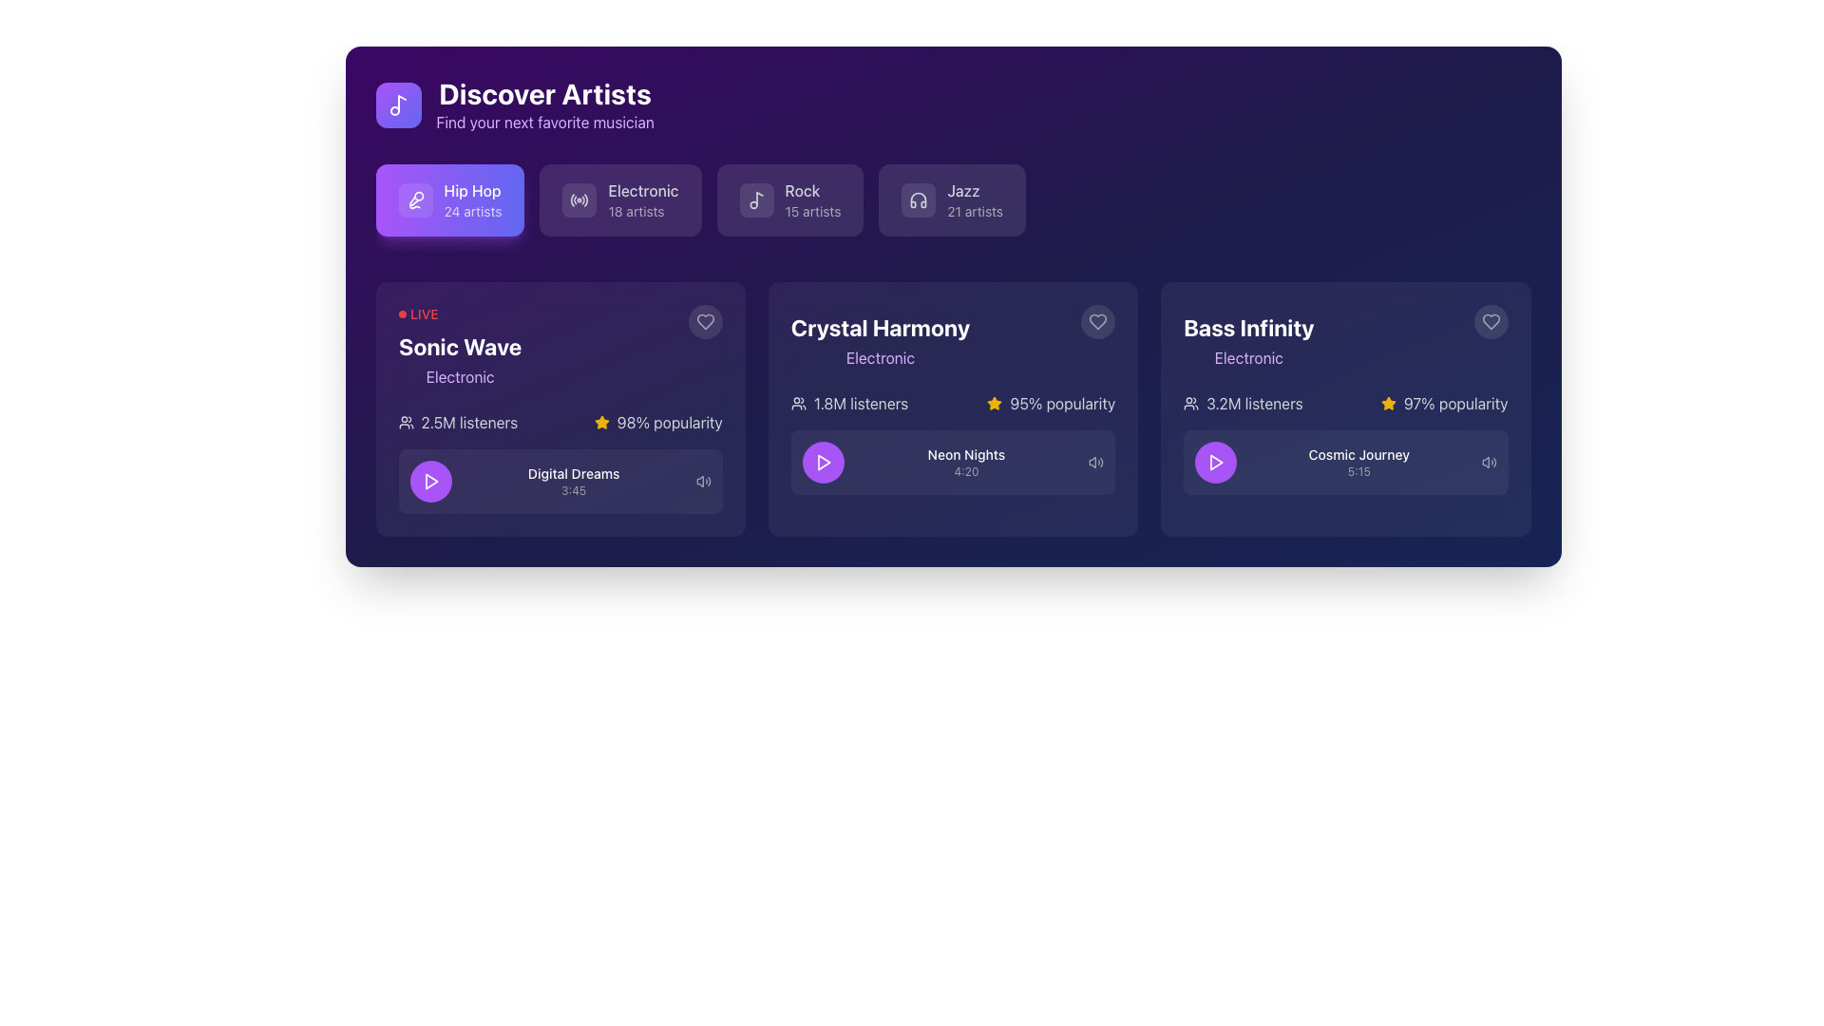  What do you see at coordinates (823, 462) in the screenshot?
I see `the play icon button located in the 'Crystal Harmony' card section` at bounding box center [823, 462].